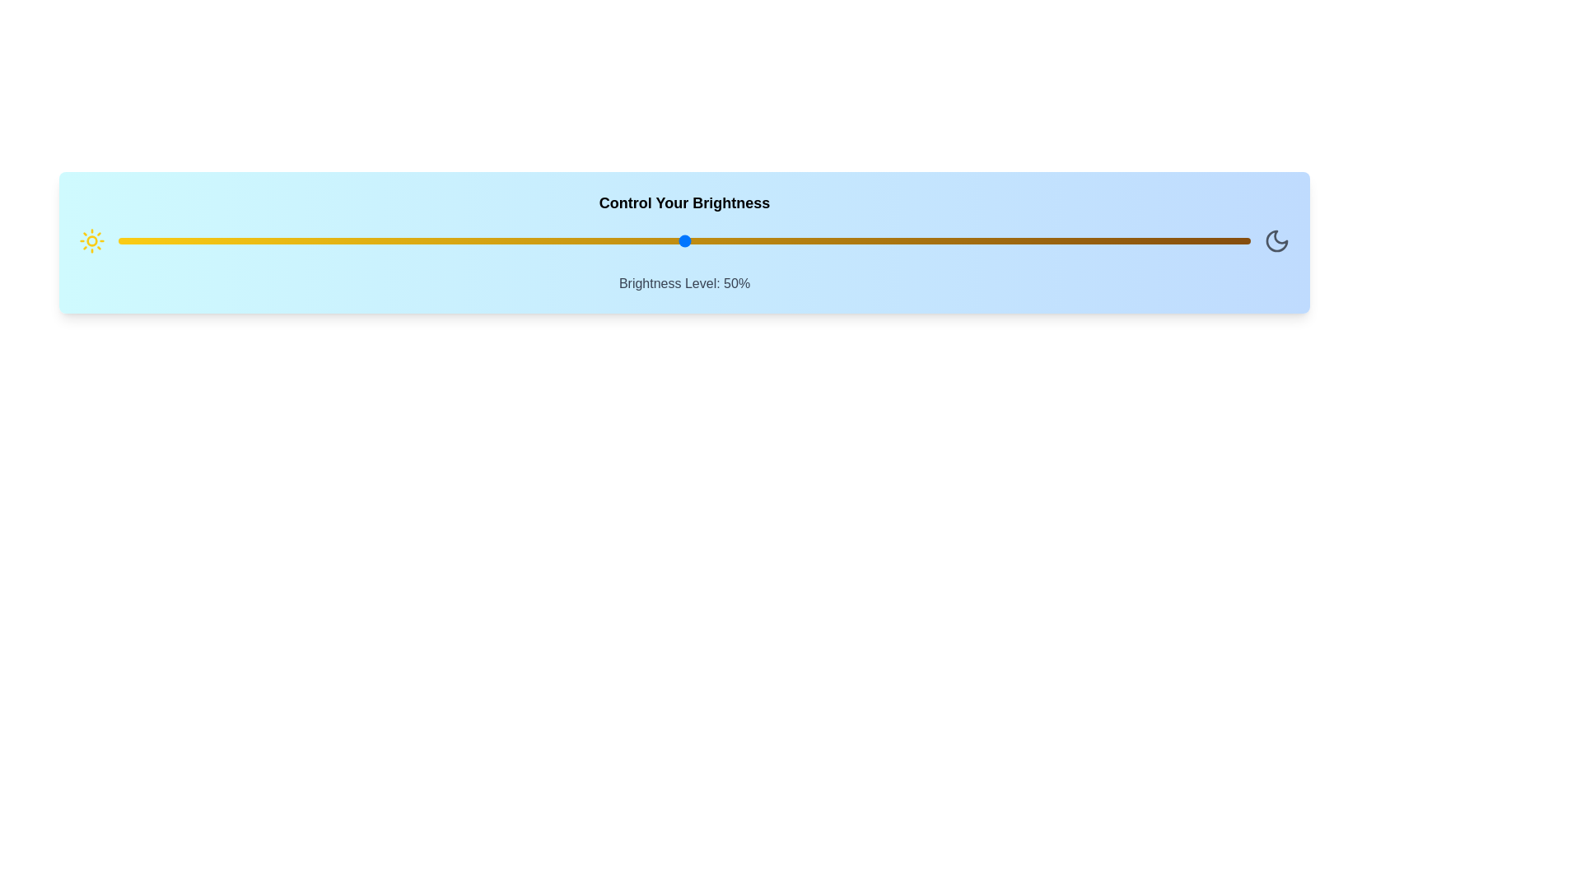  I want to click on the brightness to 39% using the slider, so click(560, 241).